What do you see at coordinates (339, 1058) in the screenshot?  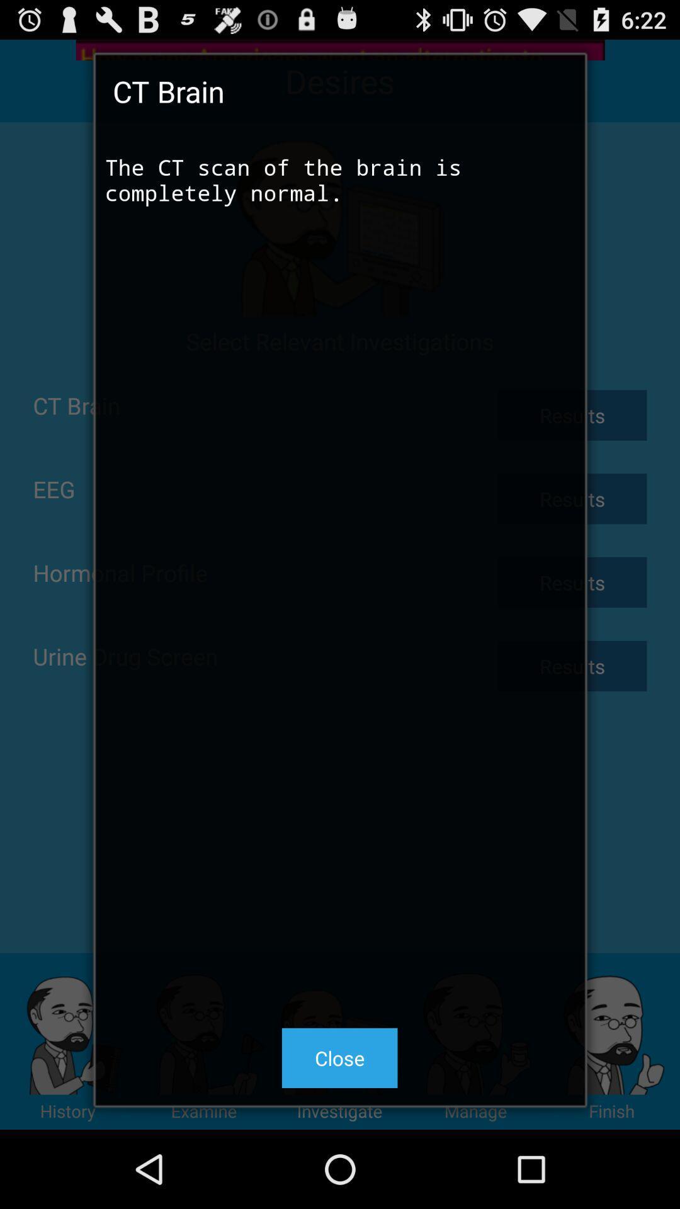 I see `the icon at the bottom` at bounding box center [339, 1058].